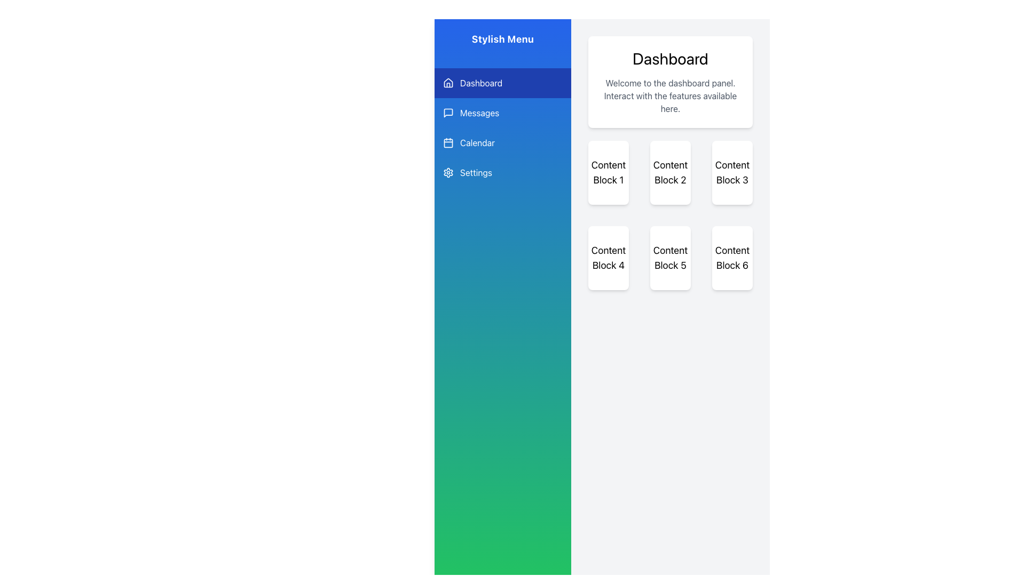  What do you see at coordinates (670, 82) in the screenshot?
I see `the Informational card that welcomes users to the dashboard, located at the upper section of the right panel, above the grid of smaller content blocks` at bounding box center [670, 82].